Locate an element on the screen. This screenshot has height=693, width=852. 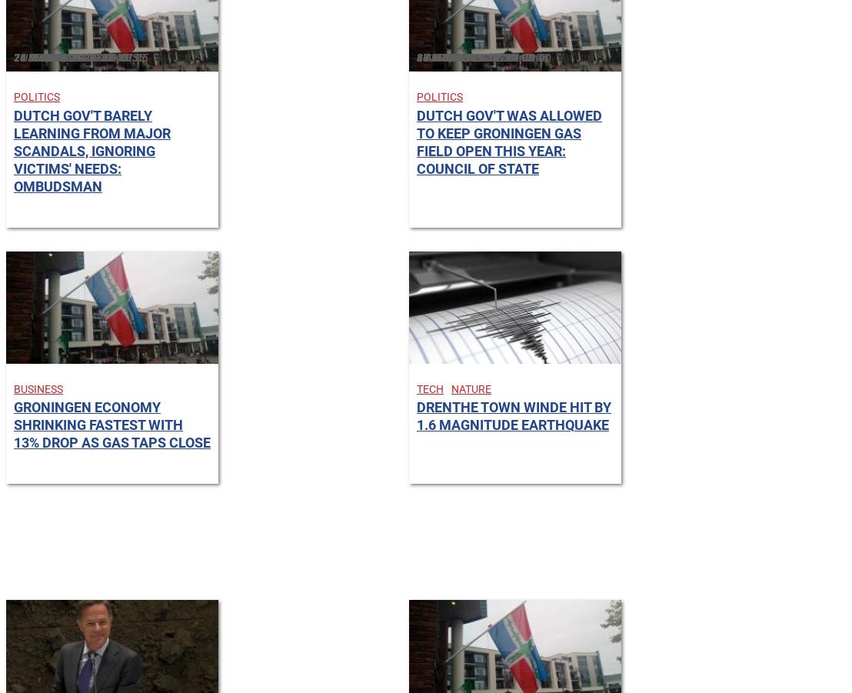
'Dutch gov't barely learning from major scandals, ignoring victims' needs: Ombudsman' is located at coordinates (92, 149).